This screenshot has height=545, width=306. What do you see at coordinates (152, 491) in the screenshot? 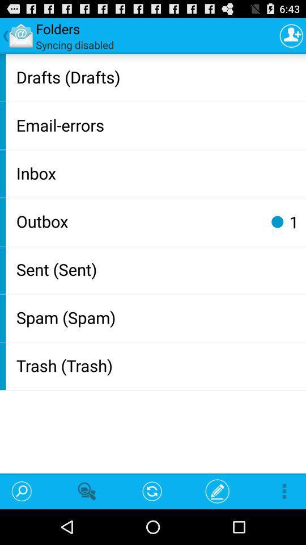
I see `the app below the trash (trash) app` at bounding box center [152, 491].